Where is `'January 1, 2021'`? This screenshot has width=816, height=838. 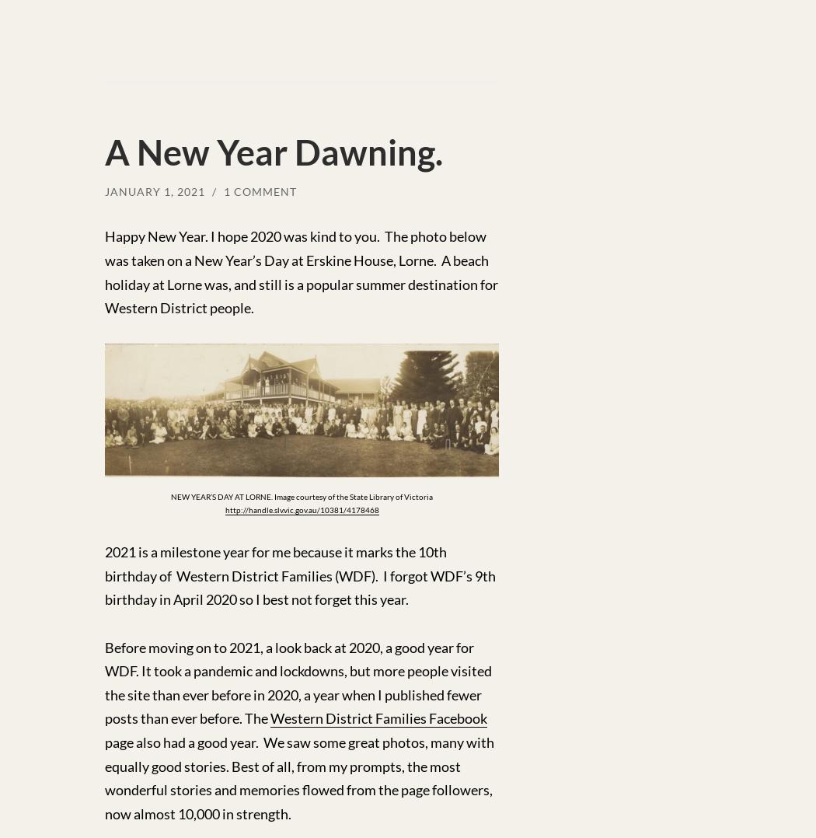 'January 1, 2021' is located at coordinates (154, 190).